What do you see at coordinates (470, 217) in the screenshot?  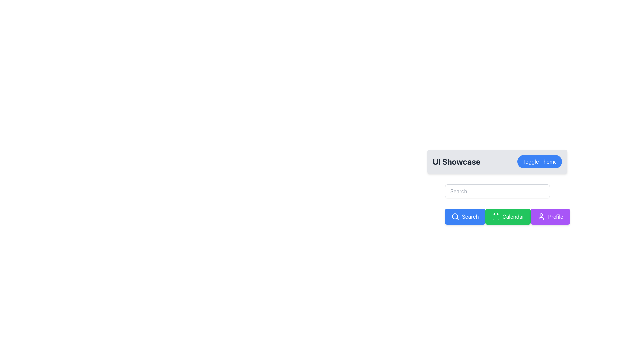 I see `text content of the label indicating the purpose of the search button, located inside a blue button in the bottom row, right of the magnifying glass icon` at bounding box center [470, 217].